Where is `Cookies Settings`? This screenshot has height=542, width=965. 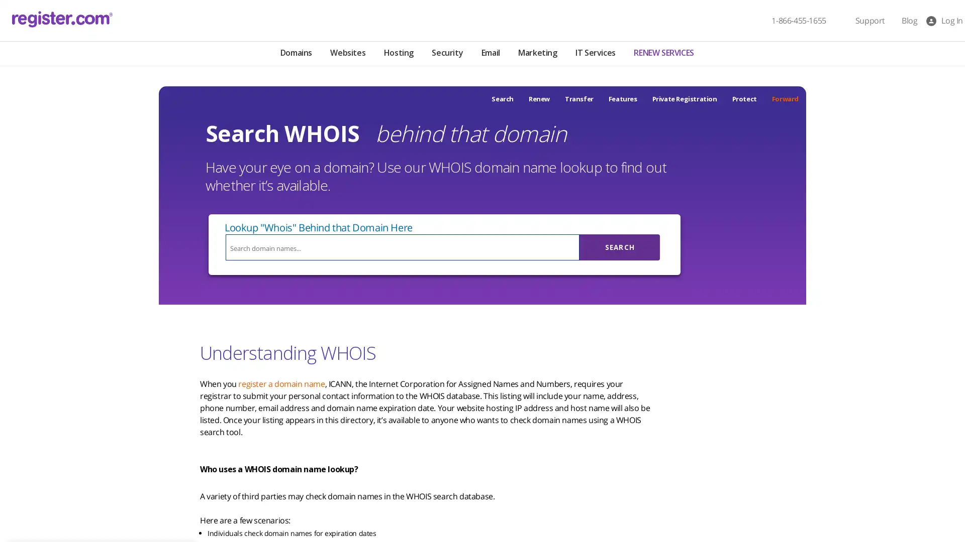
Cookies Settings is located at coordinates (102, 508).